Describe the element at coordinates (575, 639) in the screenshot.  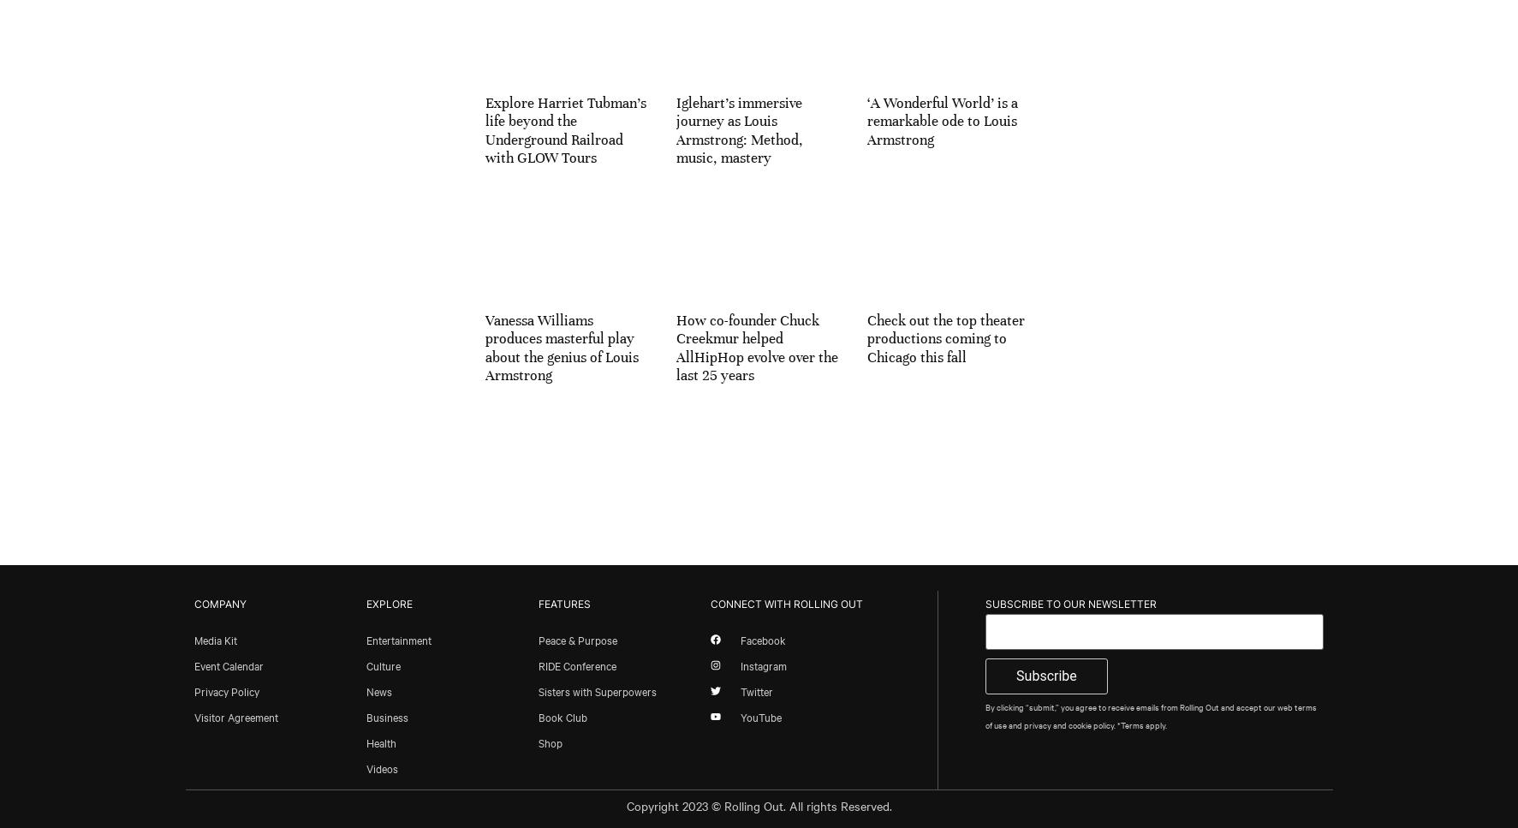
I see `'Peace & Purpose'` at that location.